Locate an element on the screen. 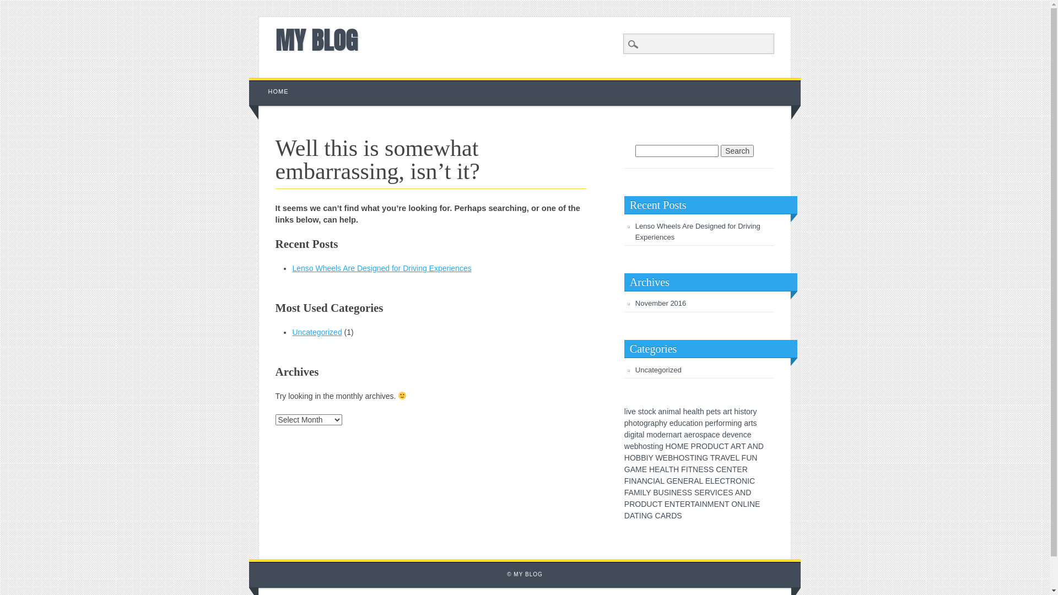 This screenshot has height=595, width=1058. 'd' is located at coordinates (724, 434).